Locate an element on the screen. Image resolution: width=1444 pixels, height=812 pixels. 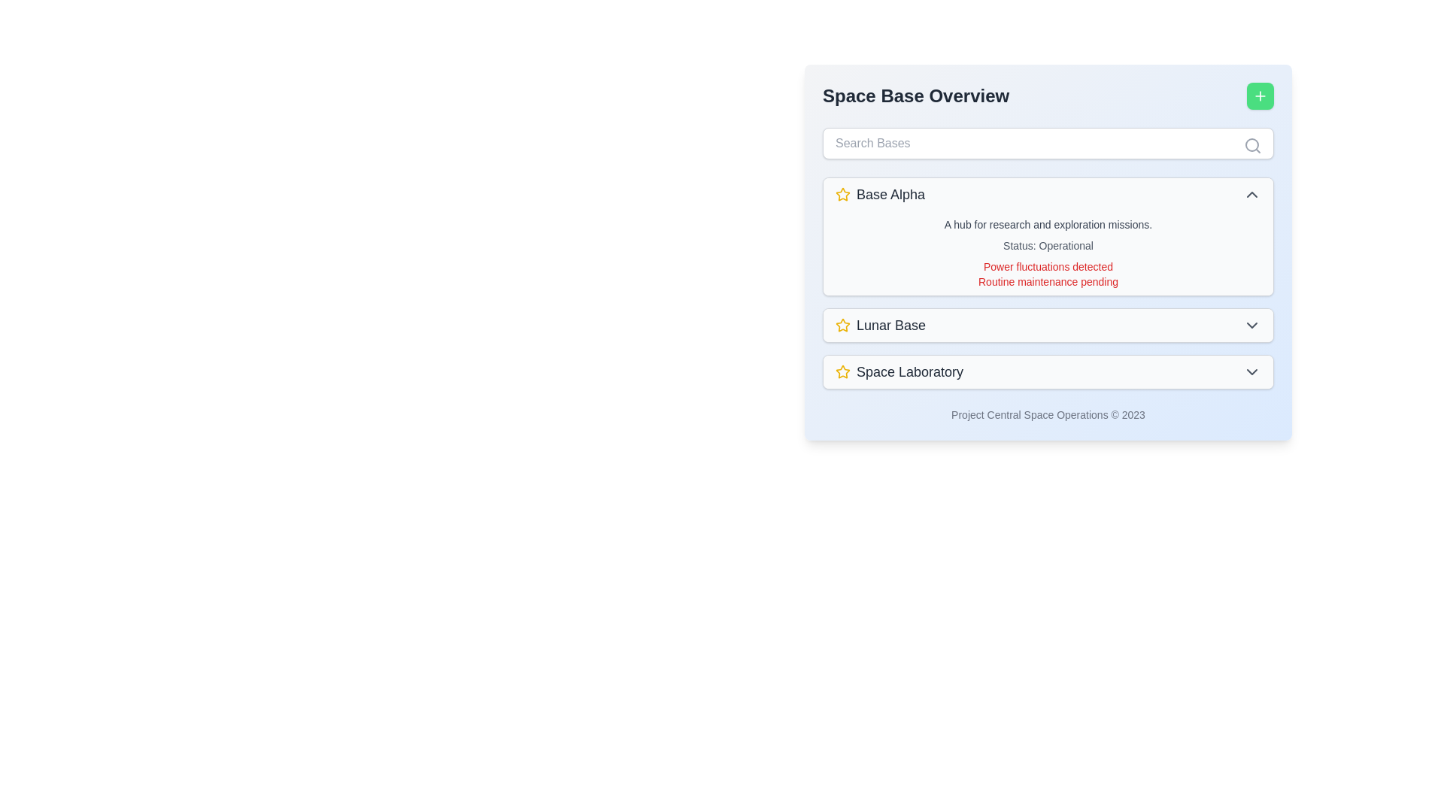
the text label 'Lunar Base', which is styled in a large, bold font and accompanied by a yellow star icon, located between 'Base Alpha' and 'Space Laboratory' is located at coordinates (881, 324).